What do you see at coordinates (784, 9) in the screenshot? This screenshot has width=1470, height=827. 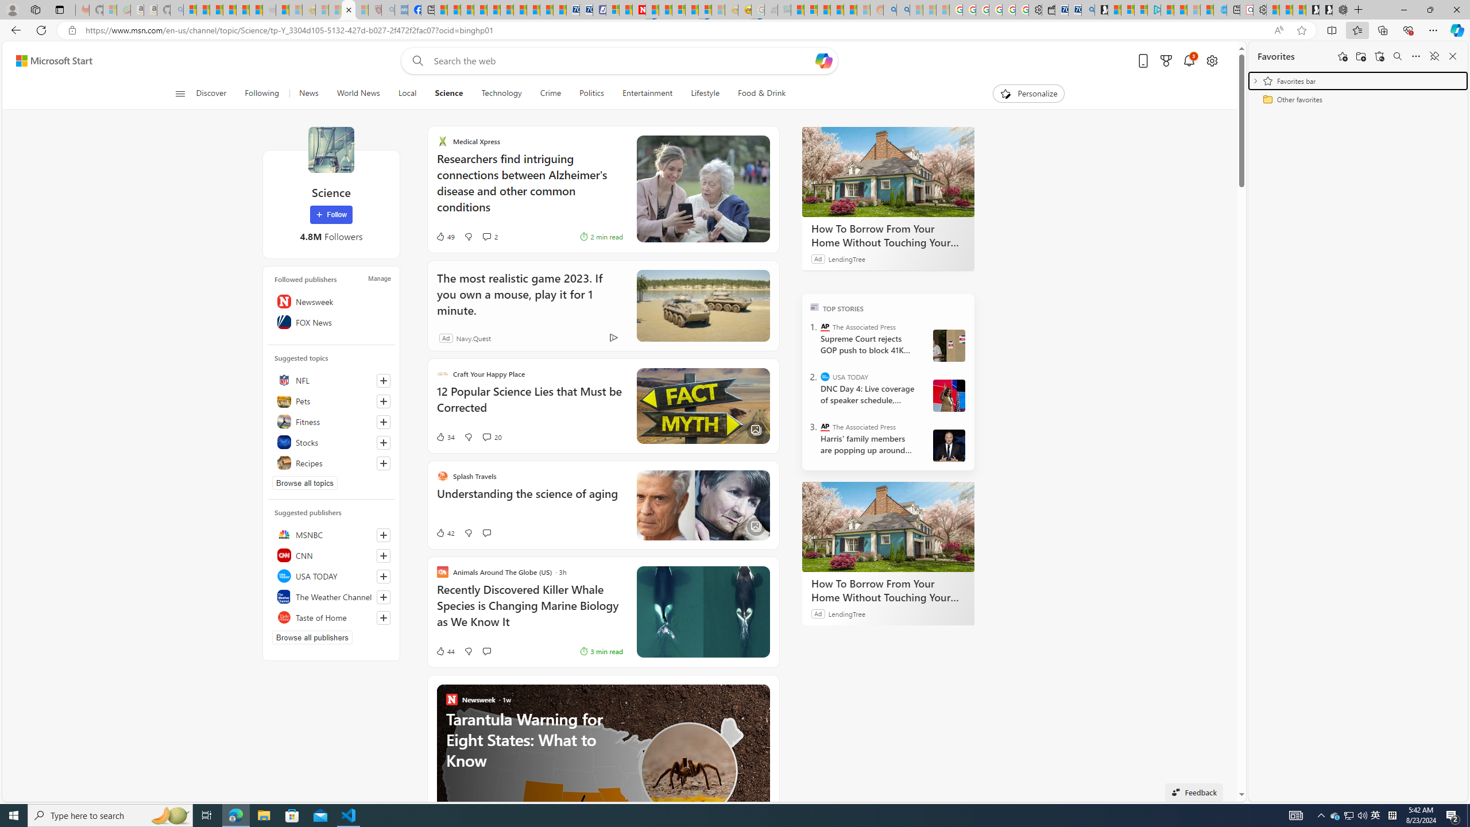 I see `'DITOGAMES AG Imprint - Sleeping'` at bounding box center [784, 9].